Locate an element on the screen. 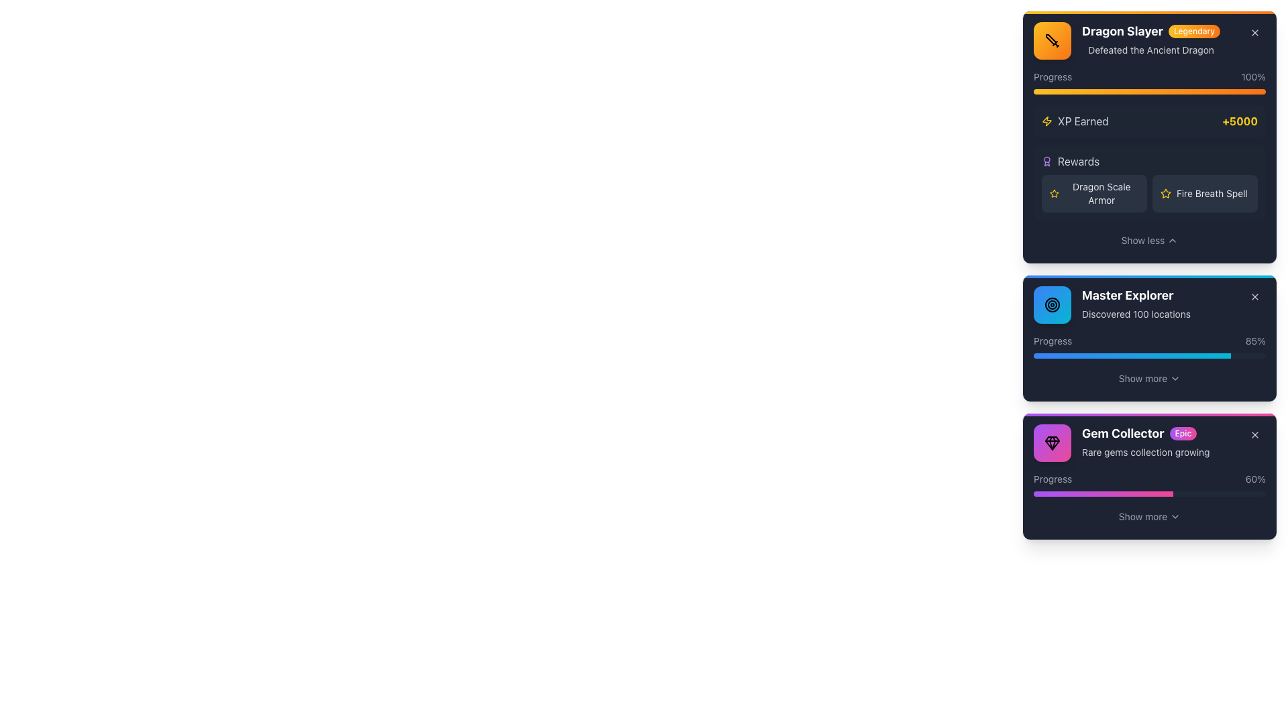  the circular target logo icon located within the rounded square button of the 'Master Explorer' section, which features a blue-to-cyan gradient background is located at coordinates (1052, 305).